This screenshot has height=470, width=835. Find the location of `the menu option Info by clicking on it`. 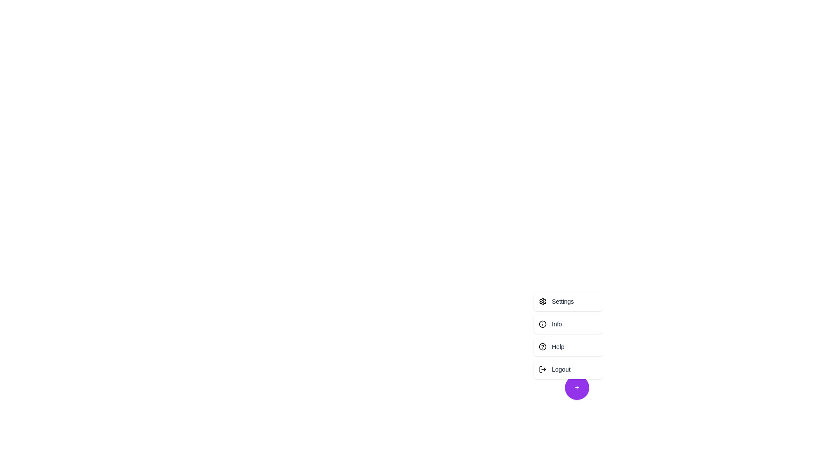

the menu option Info by clicking on it is located at coordinates (568, 324).